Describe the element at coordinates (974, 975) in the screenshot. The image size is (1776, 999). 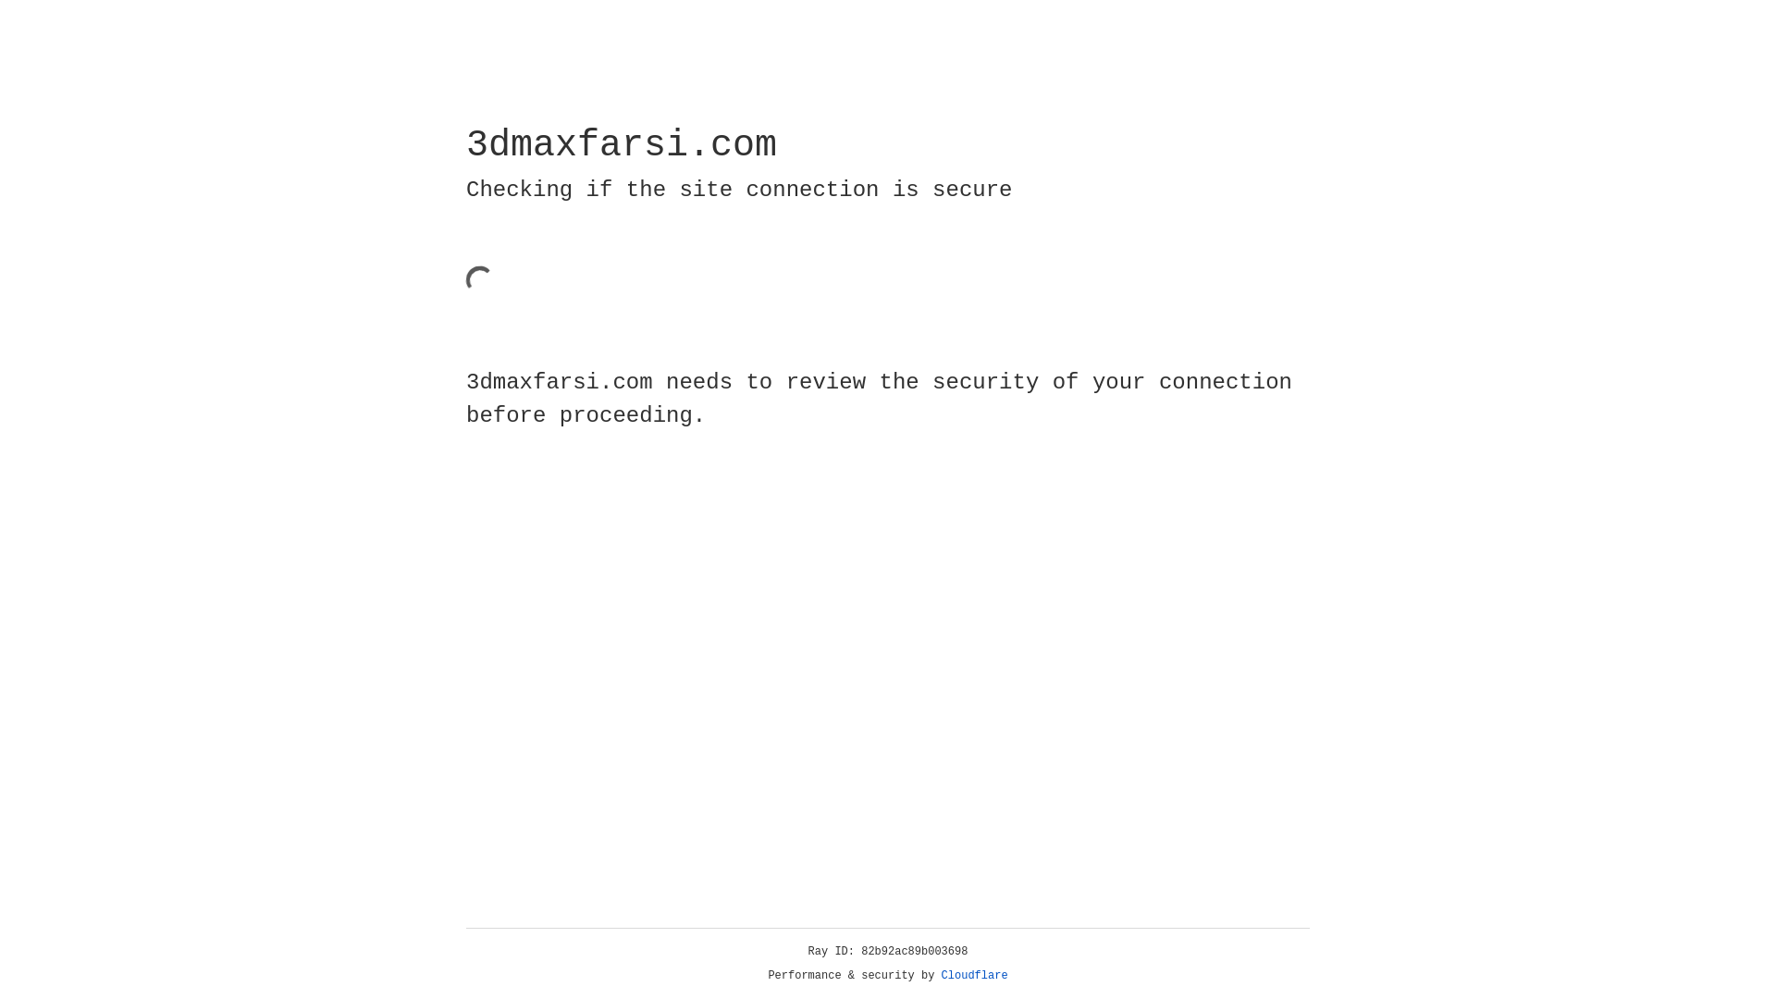
I see `'Cloudflare'` at that location.